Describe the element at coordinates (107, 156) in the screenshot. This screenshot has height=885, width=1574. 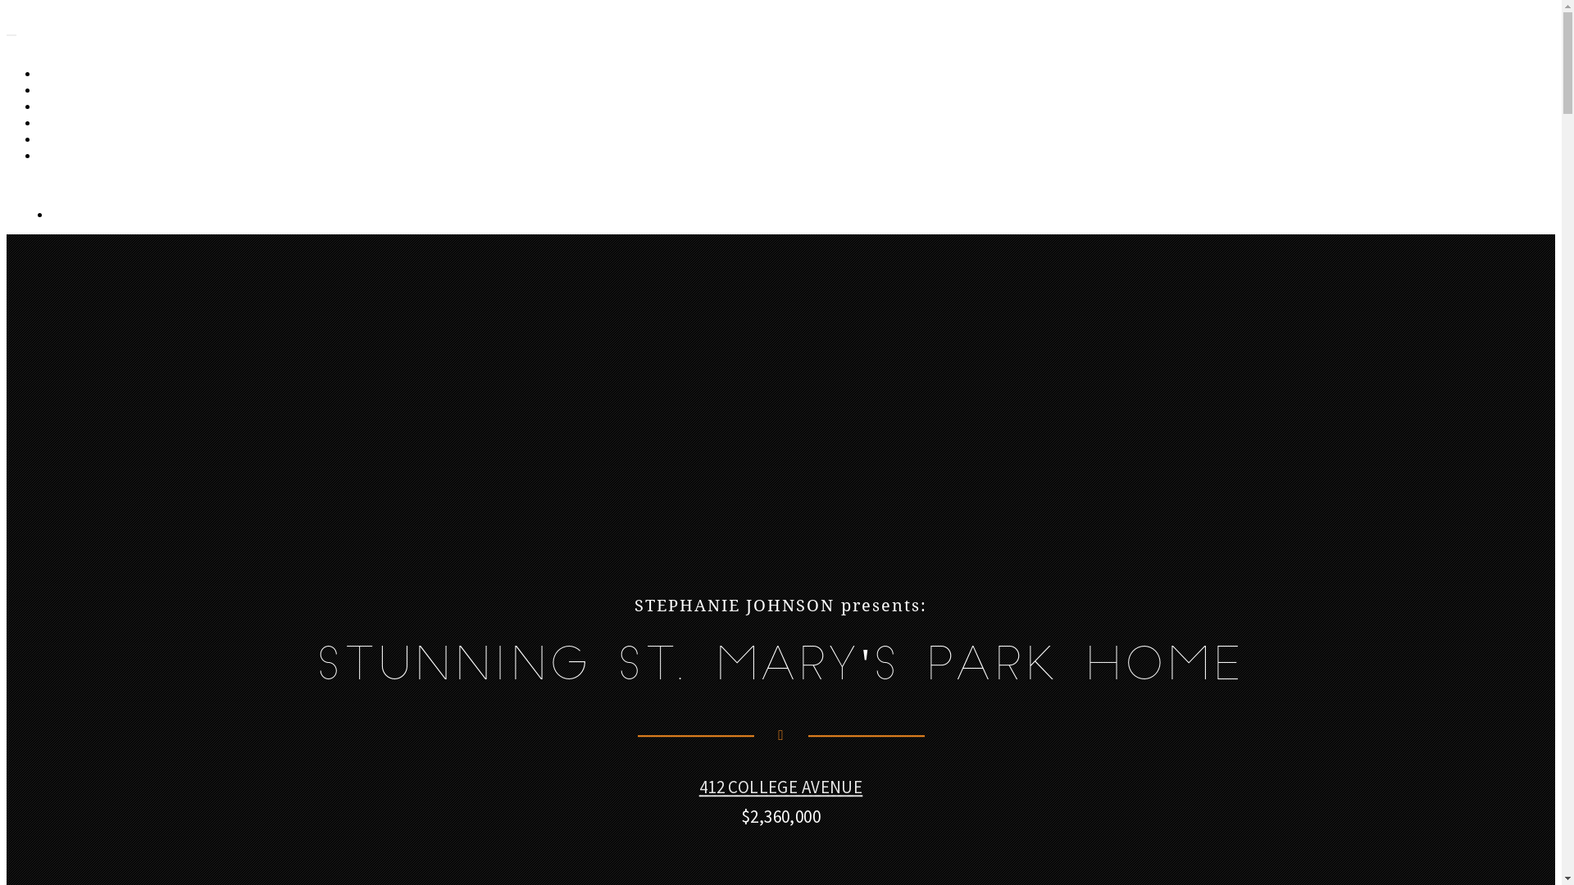
I see `'SCHEDULE & CONTACT'` at that location.